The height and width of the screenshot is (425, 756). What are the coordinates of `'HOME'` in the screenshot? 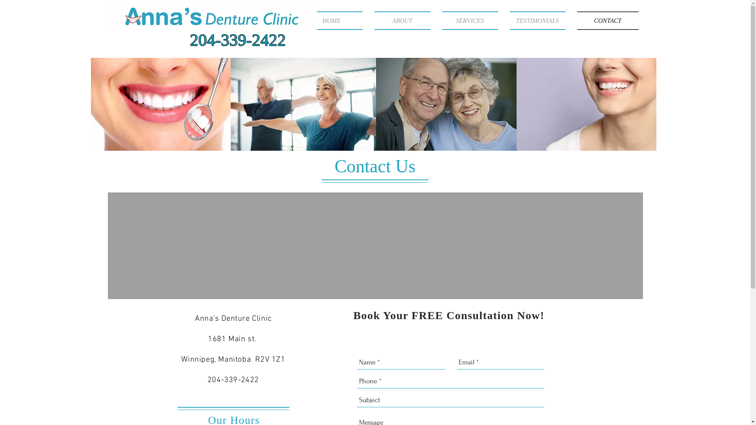 It's located at (334, 20).